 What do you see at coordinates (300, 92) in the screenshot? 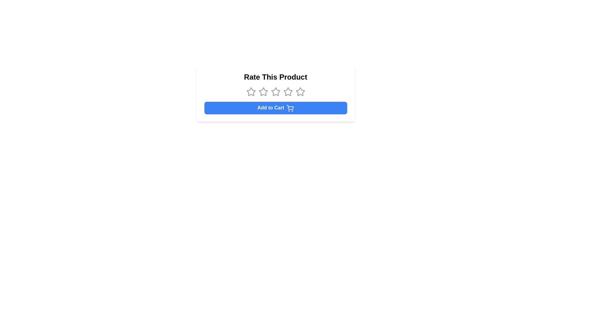
I see `the fifth star icon in the row of five stars` at bounding box center [300, 92].